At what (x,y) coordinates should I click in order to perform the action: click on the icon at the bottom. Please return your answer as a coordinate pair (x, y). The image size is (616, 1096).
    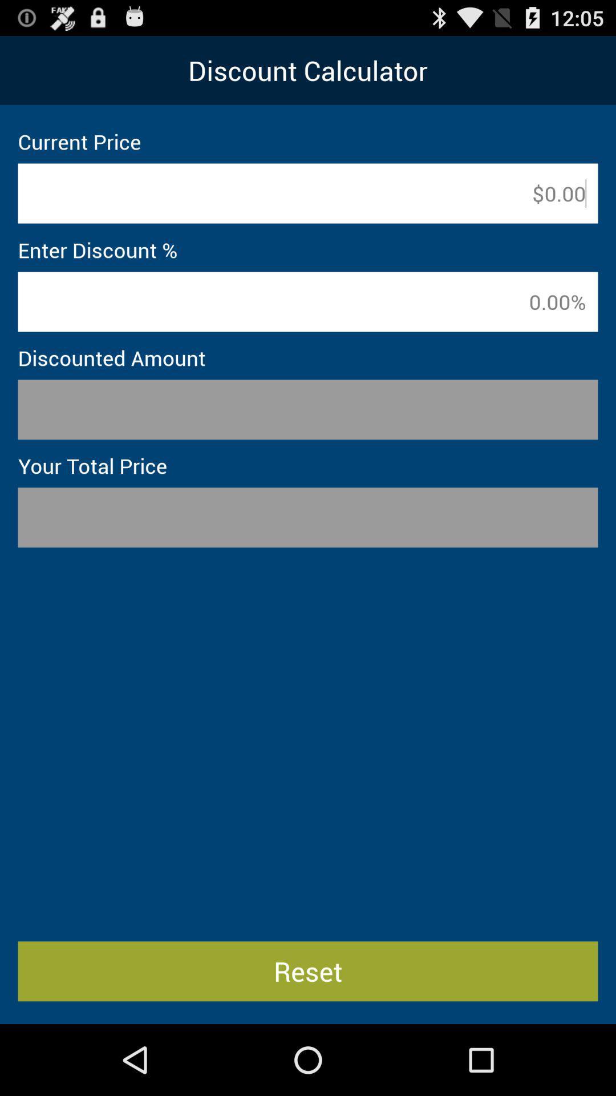
    Looking at the image, I should click on (308, 970).